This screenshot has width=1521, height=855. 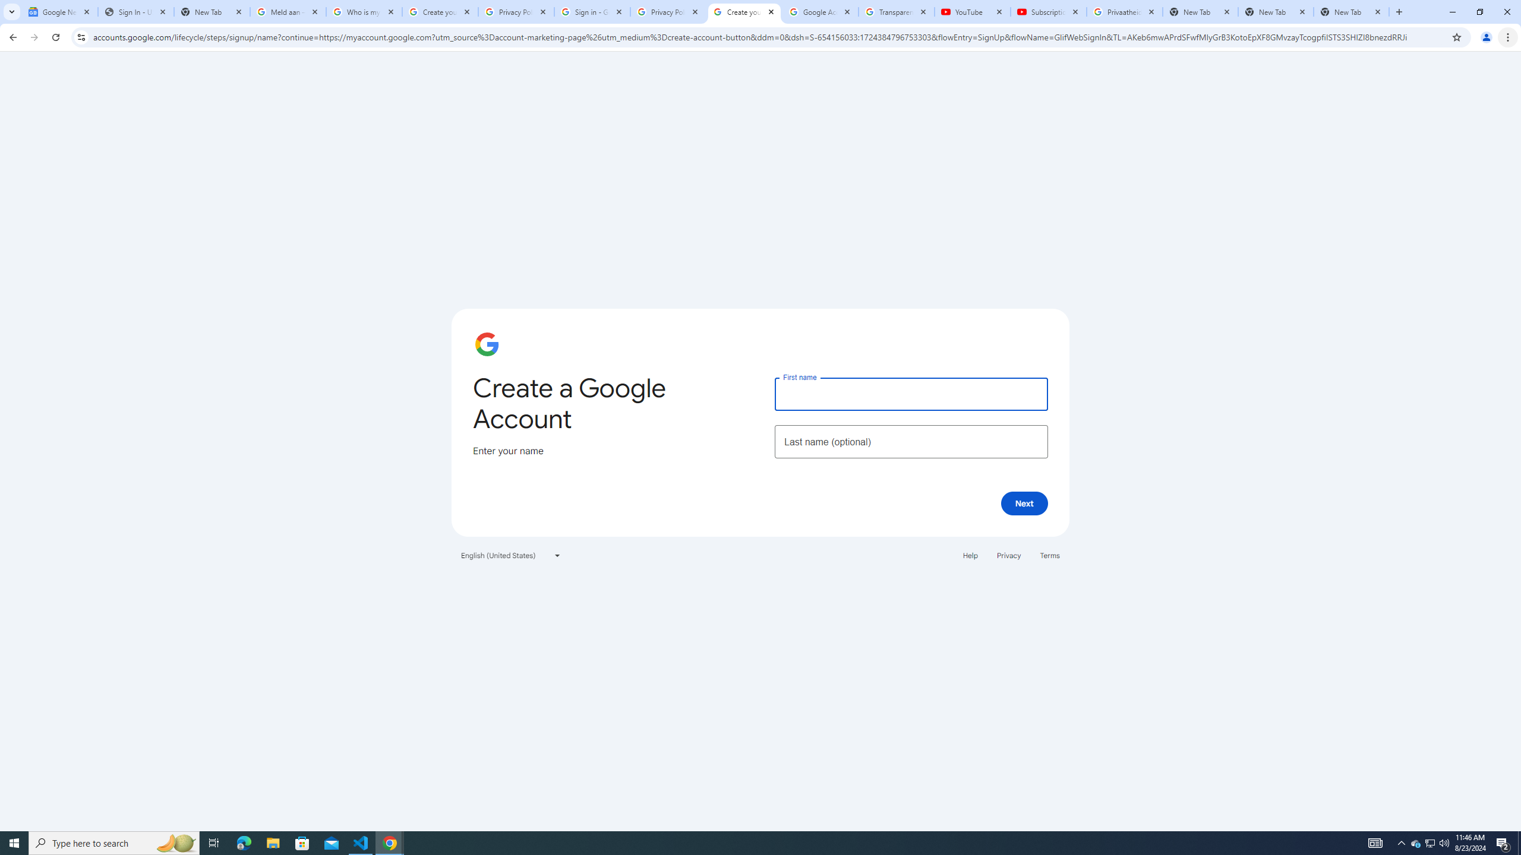 I want to click on 'YouTube', so click(x=972, y=11).